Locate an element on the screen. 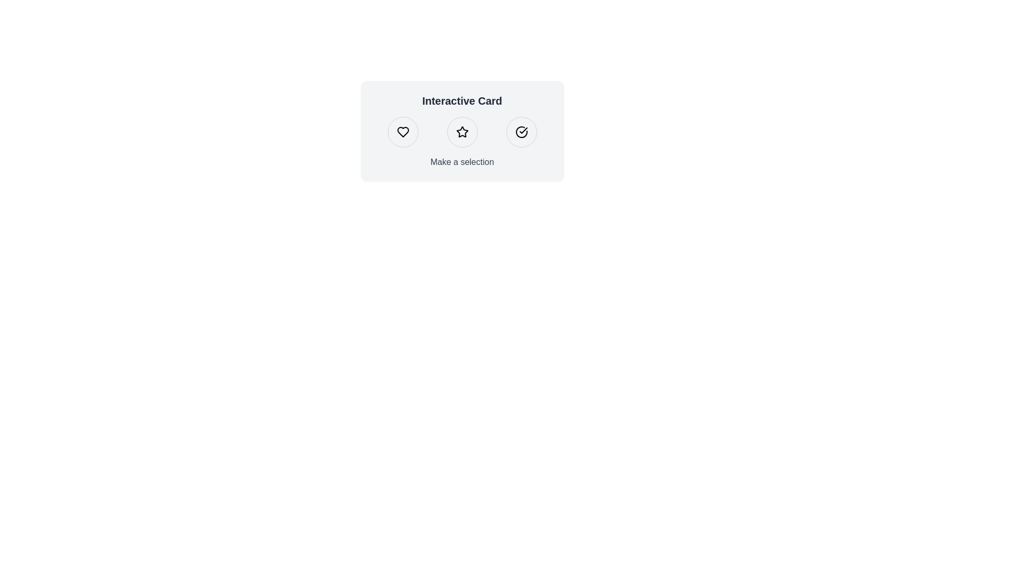  the circular button with a star icon, which is the second button in a set of three is located at coordinates (462, 132).